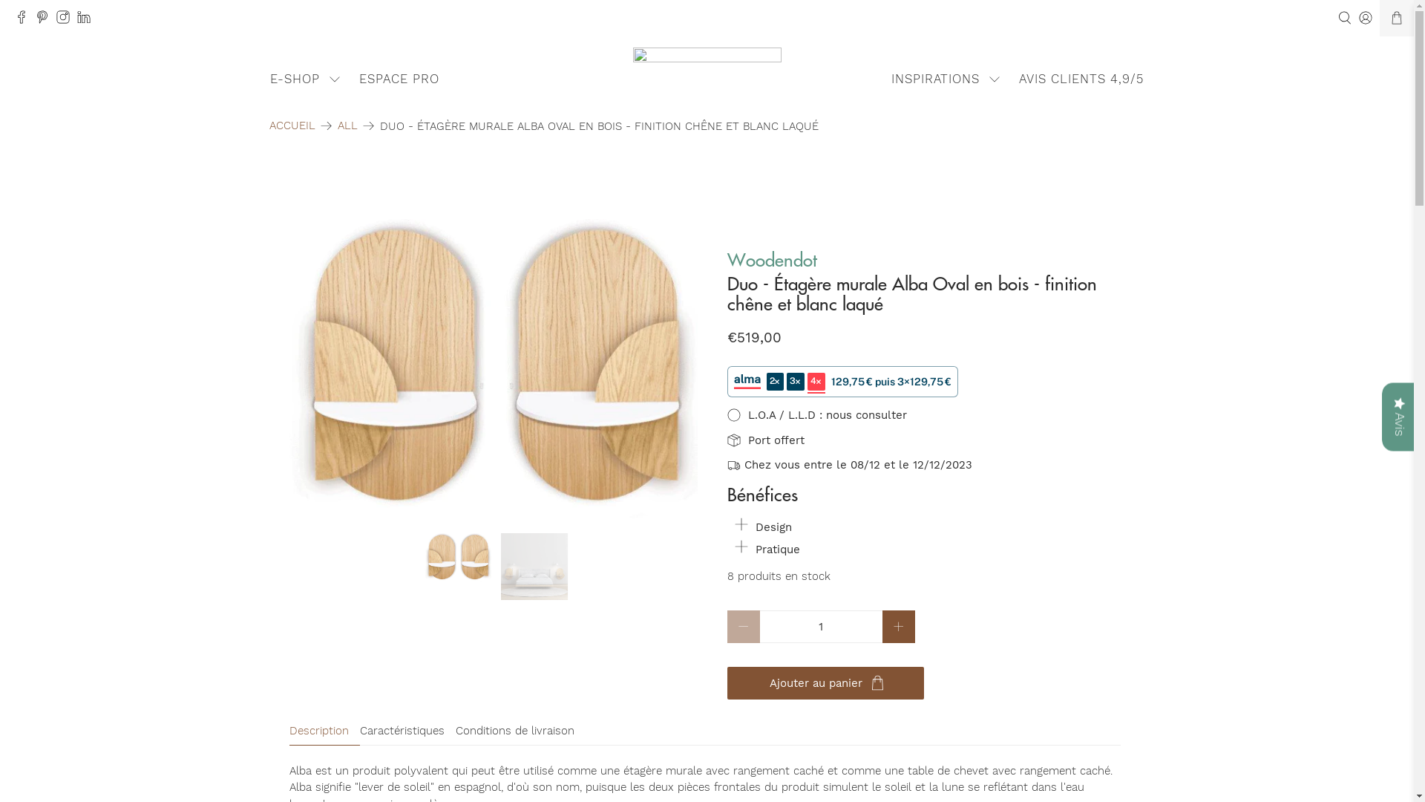 The image size is (1425, 802). I want to click on 'ESPACE PRO', so click(399, 79).